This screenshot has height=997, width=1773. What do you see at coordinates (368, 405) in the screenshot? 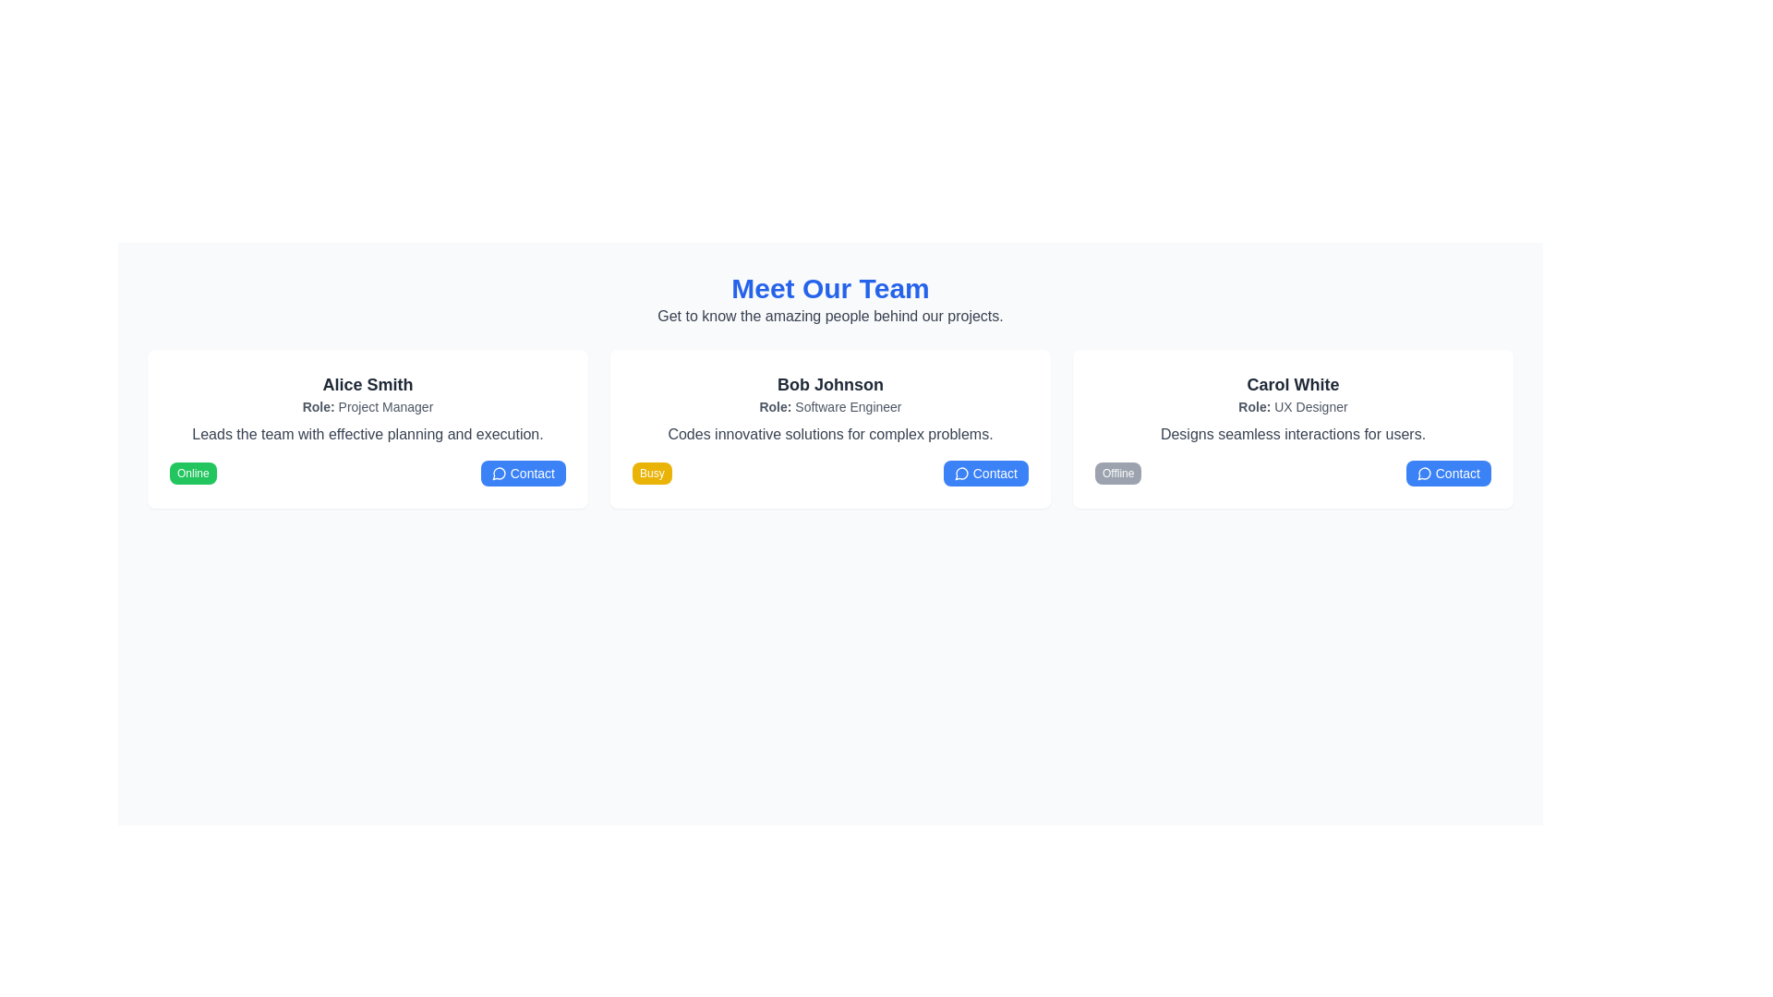
I see `text label displaying 'Role: Project Manager' located under the name 'Alice Smith' in their profile card` at bounding box center [368, 405].